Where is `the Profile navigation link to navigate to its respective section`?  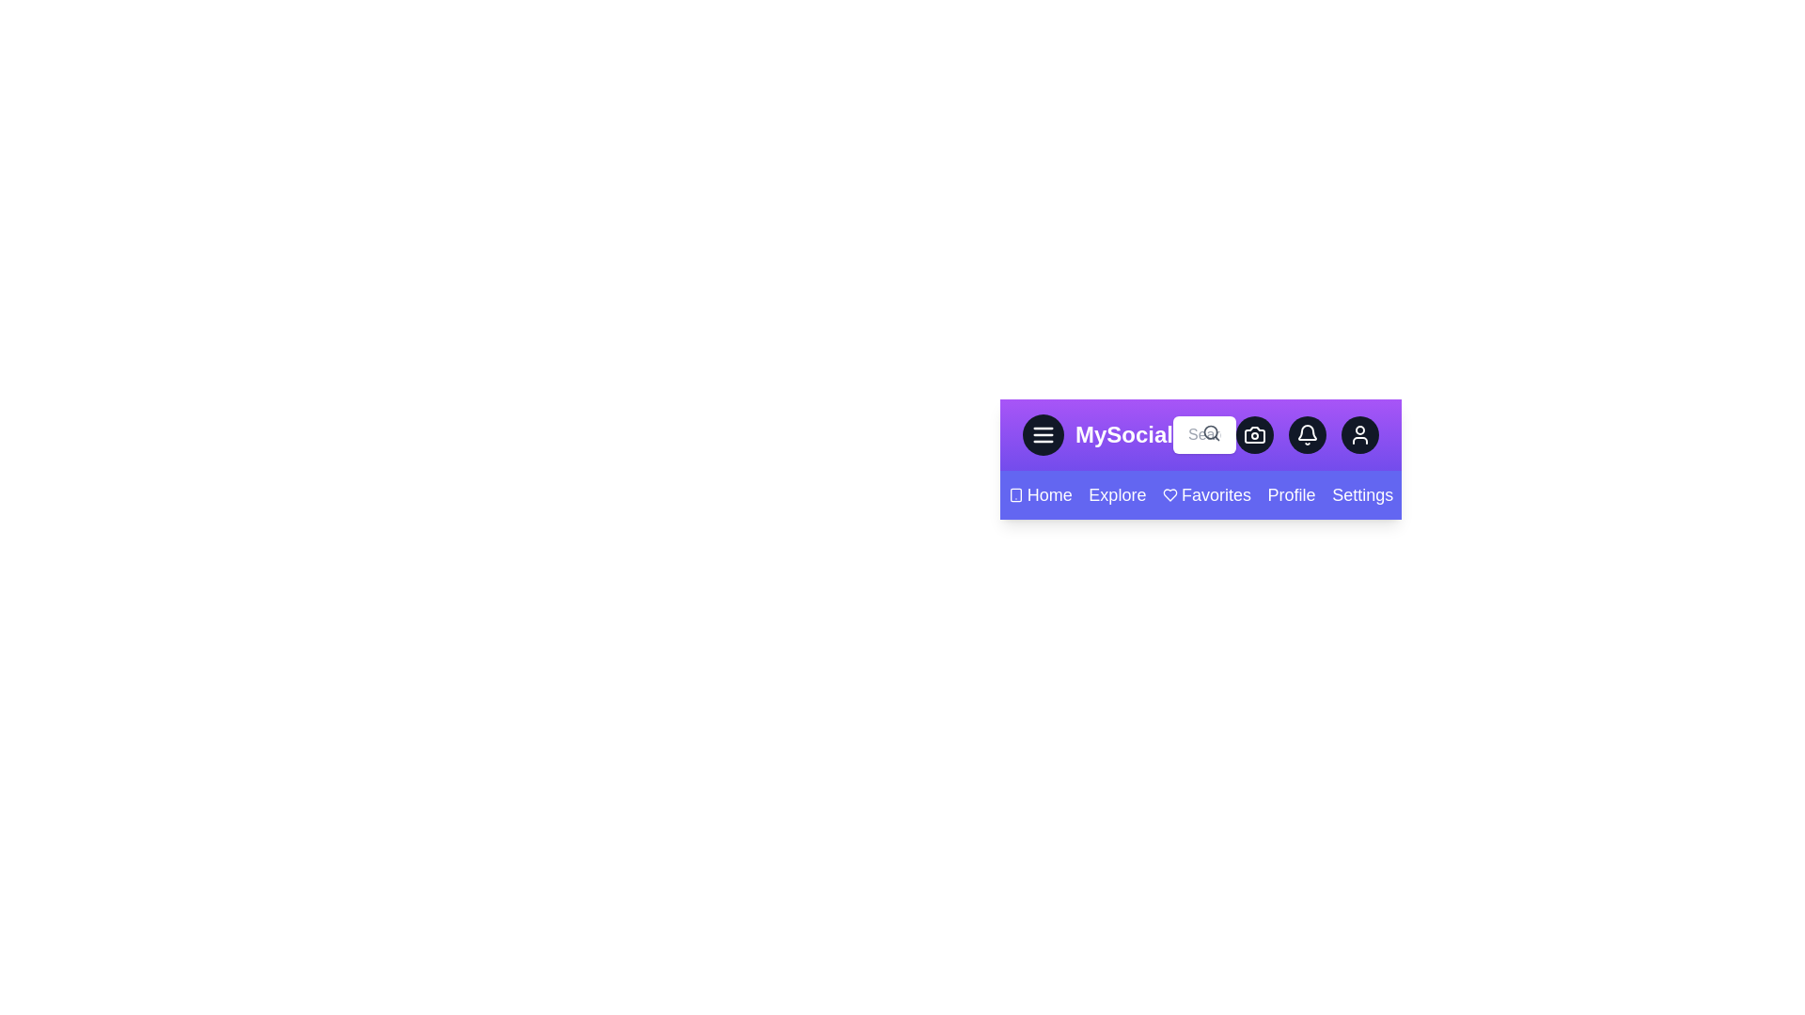
the Profile navigation link to navigate to its respective section is located at coordinates (1291, 494).